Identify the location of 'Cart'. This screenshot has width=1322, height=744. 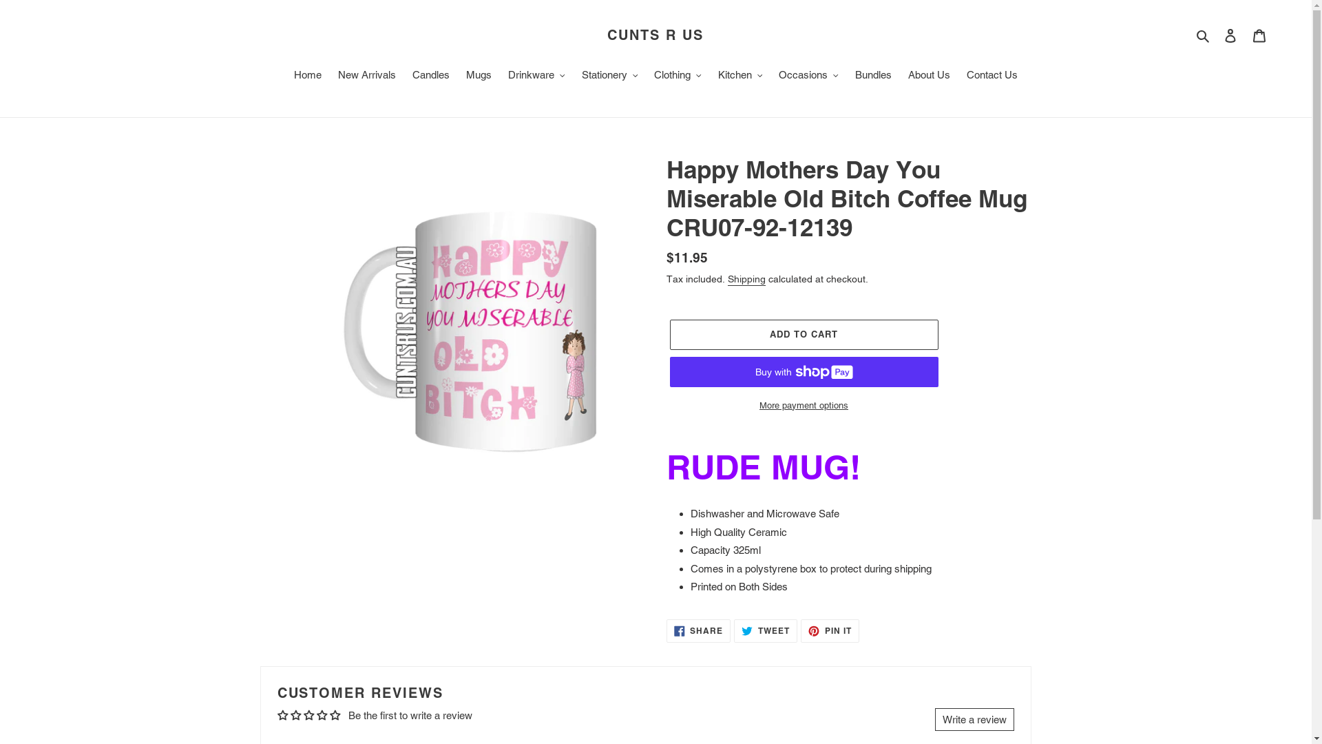
(1259, 34).